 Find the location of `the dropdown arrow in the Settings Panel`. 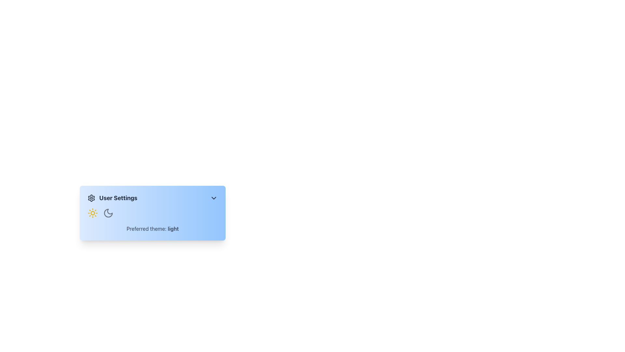

the dropdown arrow in the Settings Panel is located at coordinates (152, 242).